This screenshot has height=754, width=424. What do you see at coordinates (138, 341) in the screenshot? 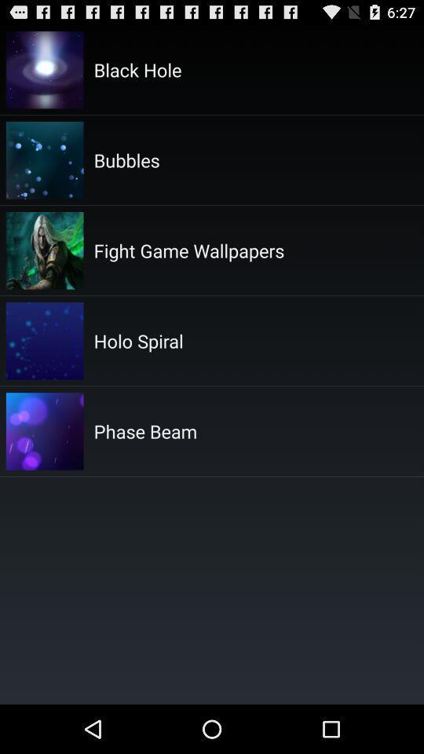
I see `the holo spiral icon` at bounding box center [138, 341].